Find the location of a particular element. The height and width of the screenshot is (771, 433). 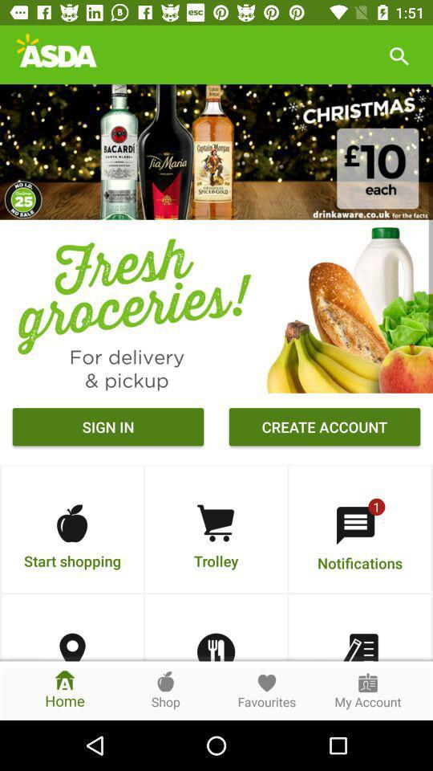

the home button is located at coordinates (64, 690).